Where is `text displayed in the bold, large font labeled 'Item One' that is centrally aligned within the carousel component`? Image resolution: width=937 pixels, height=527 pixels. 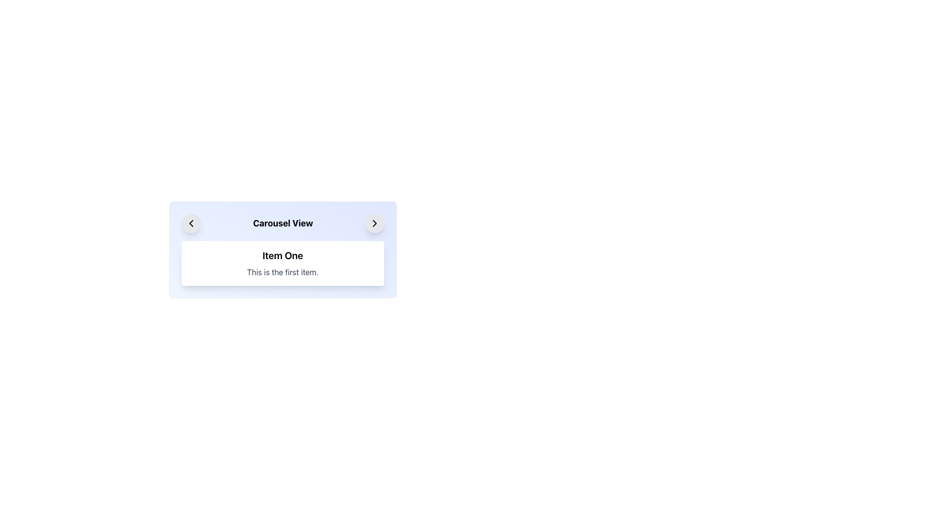 text displayed in the bold, large font labeled 'Item One' that is centrally aligned within the carousel component is located at coordinates (282, 255).